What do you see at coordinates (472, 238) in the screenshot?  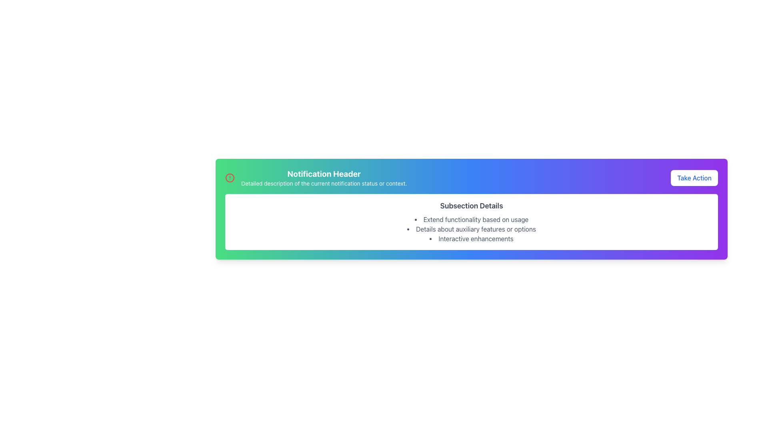 I see `the third item in the bullet-point list located in the 'Subsection Details' section under the 'Notification Header'` at bounding box center [472, 238].